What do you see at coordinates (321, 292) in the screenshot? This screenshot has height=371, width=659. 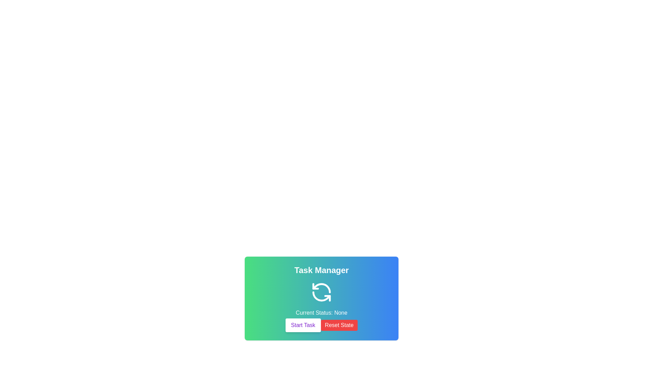 I see `the reset/reload icon located centrally within the 'Task Manager' card, which is positioned above the 'Current Status: None' text` at bounding box center [321, 292].